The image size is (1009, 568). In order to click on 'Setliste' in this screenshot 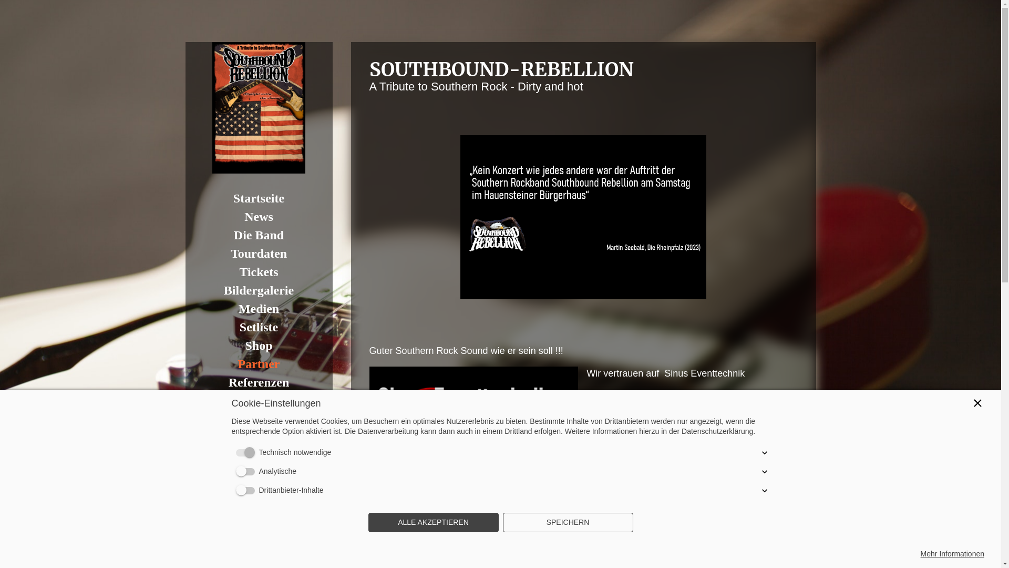, I will do `click(258, 327)`.